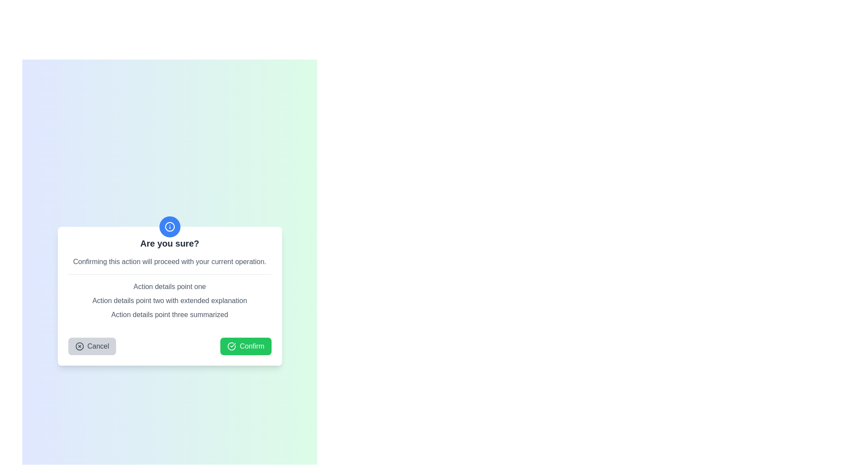 Image resolution: width=841 pixels, height=473 pixels. Describe the element at coordinates (170, 226) in the screenshot. I see `the informational icon located at the center-top of the modal dialog box, positioned above the header text 'Are you sure?'` at that location.